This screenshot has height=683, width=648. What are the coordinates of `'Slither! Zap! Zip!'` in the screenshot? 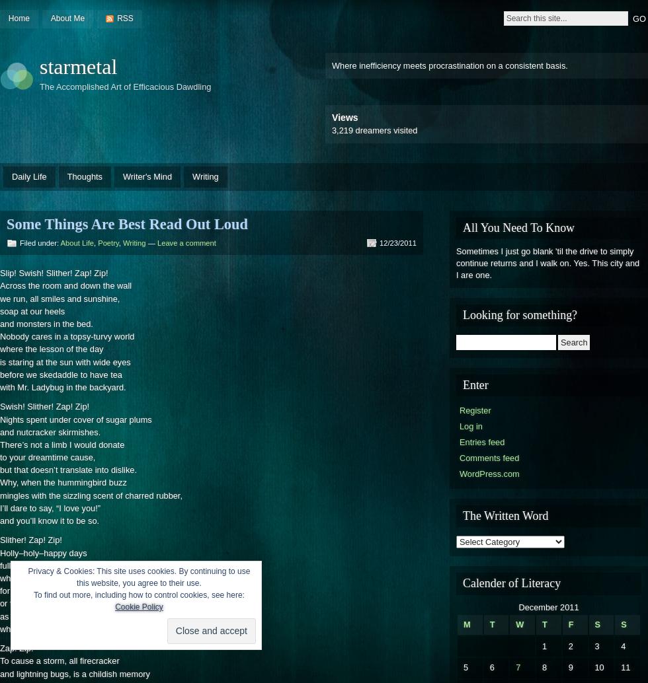 It's located at (0, 539).